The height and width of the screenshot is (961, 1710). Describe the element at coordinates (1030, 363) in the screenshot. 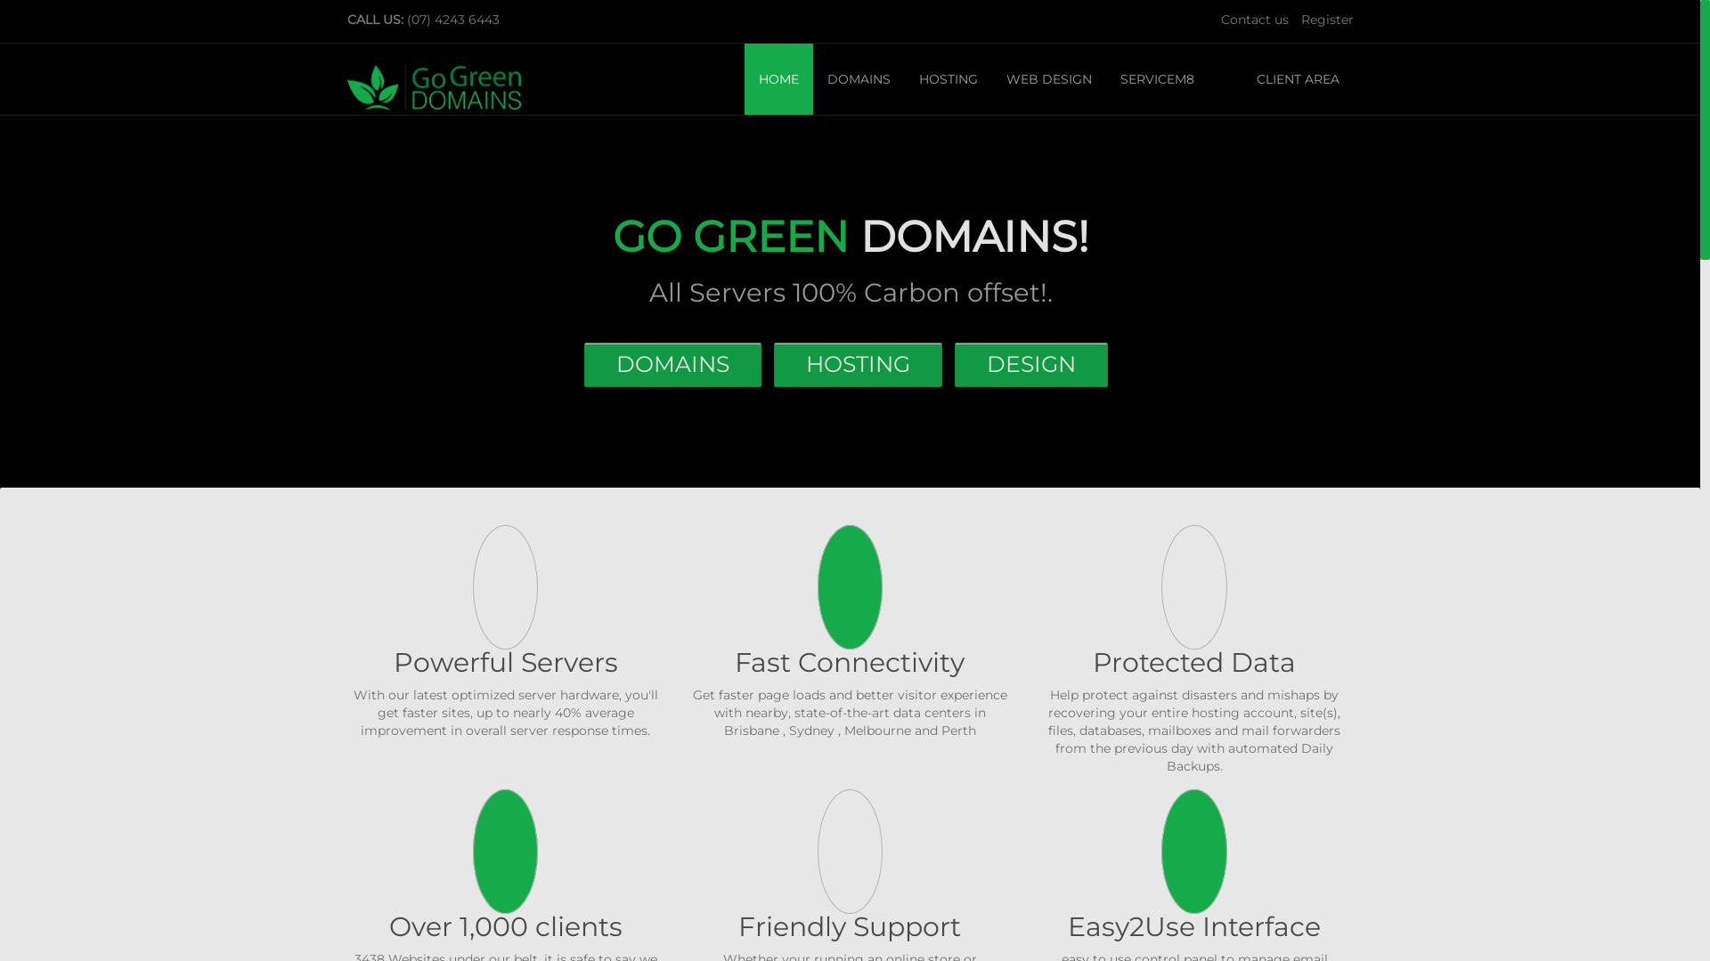

I see `'DESIGN'` at that location.